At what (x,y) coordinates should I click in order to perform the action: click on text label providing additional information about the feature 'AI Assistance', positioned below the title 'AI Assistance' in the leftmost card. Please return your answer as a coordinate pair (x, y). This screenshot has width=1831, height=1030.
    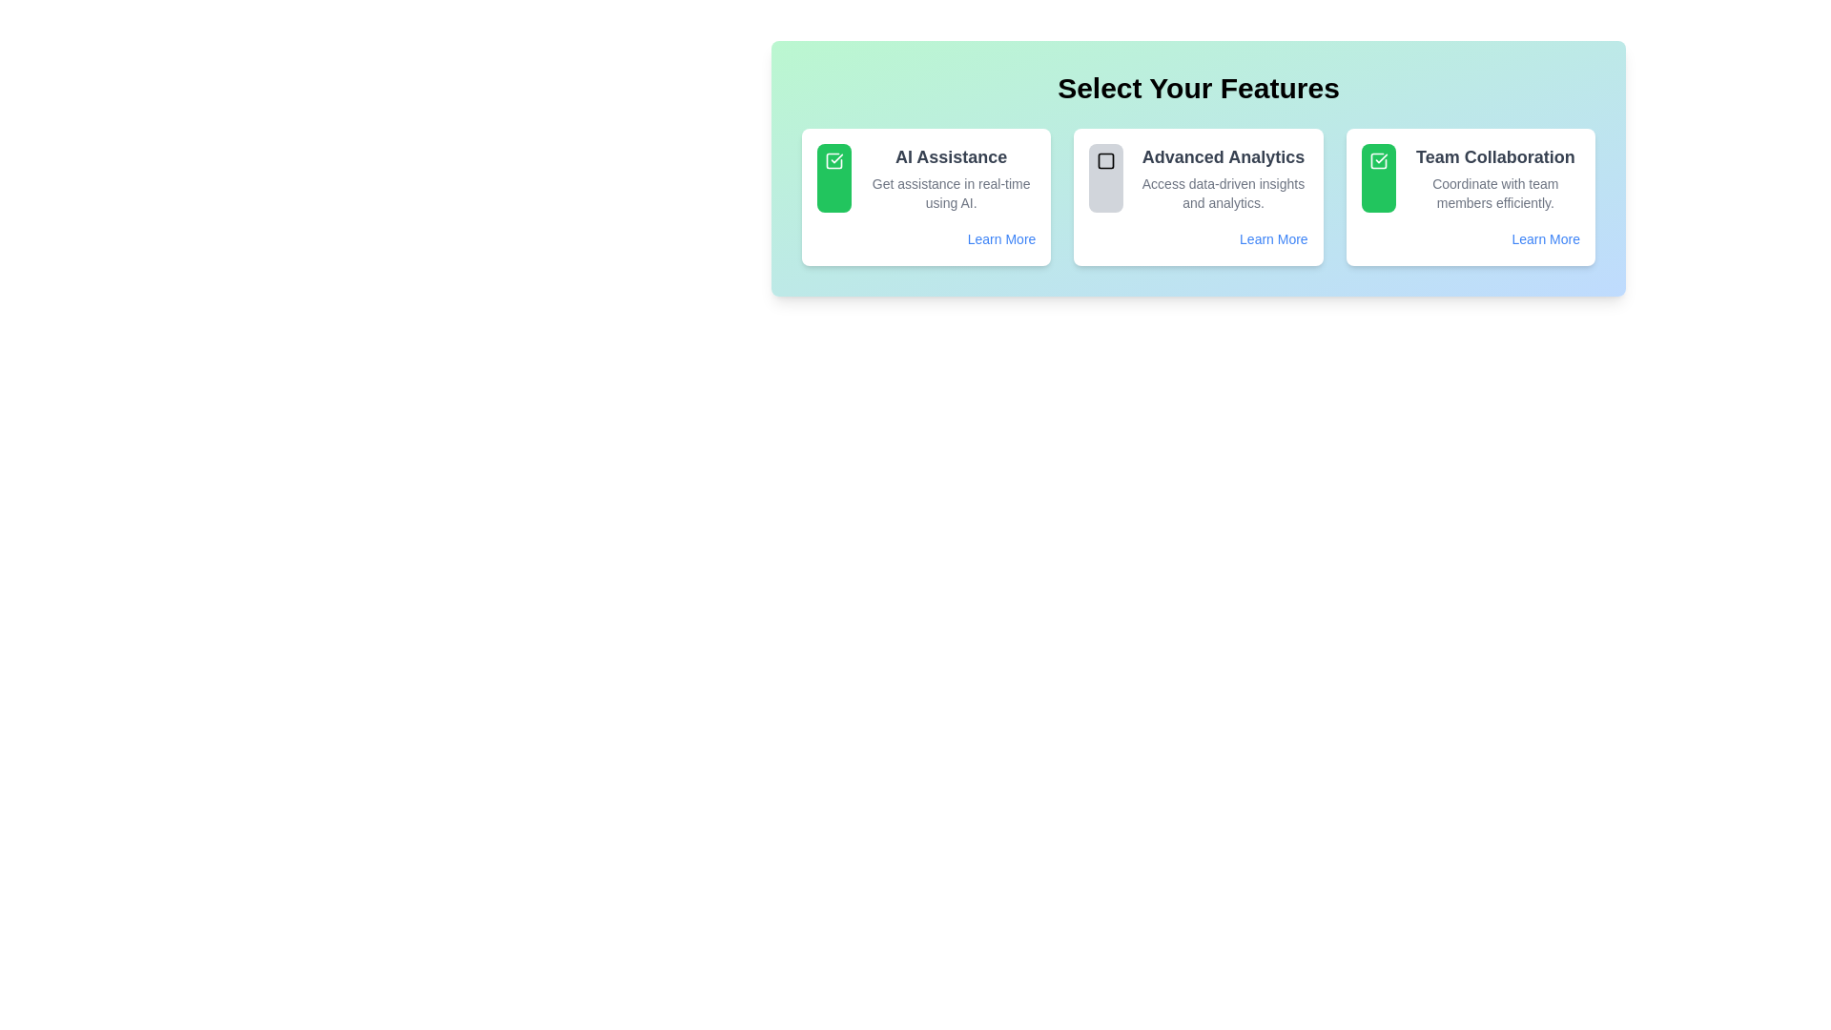
    Looking at the image, I should click on (951, 194).